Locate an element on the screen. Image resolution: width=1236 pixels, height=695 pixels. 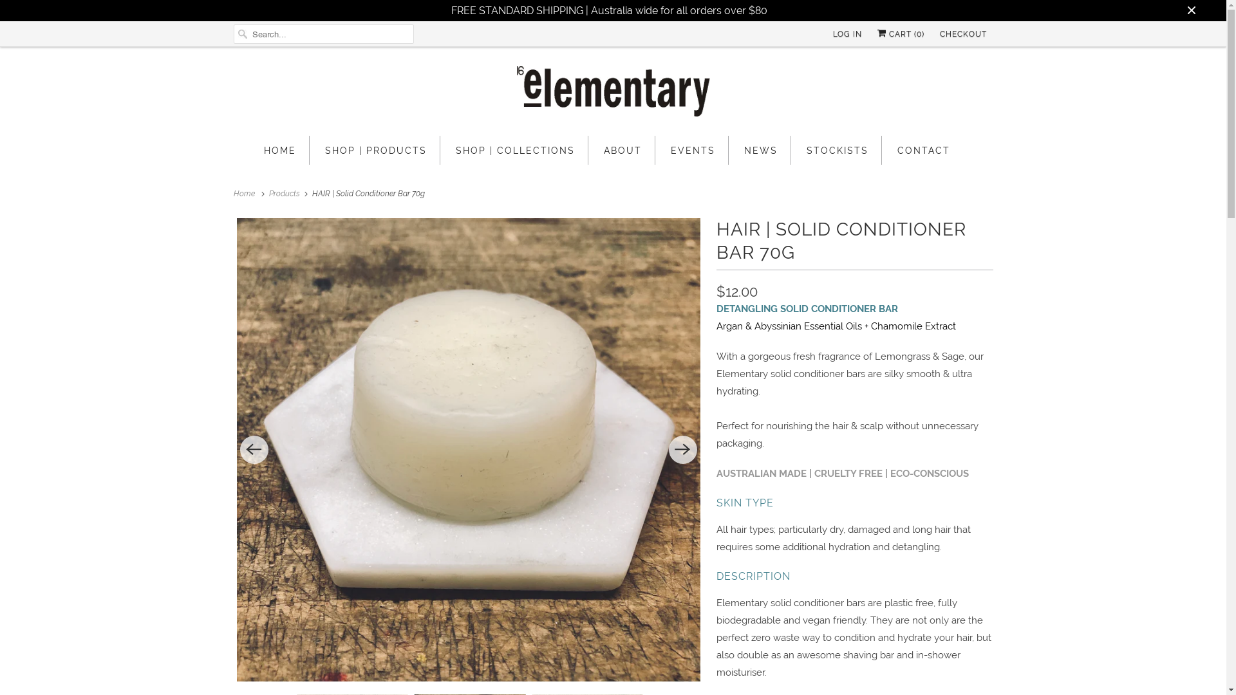
'CONTACT' is located at coordinates (923, 149).